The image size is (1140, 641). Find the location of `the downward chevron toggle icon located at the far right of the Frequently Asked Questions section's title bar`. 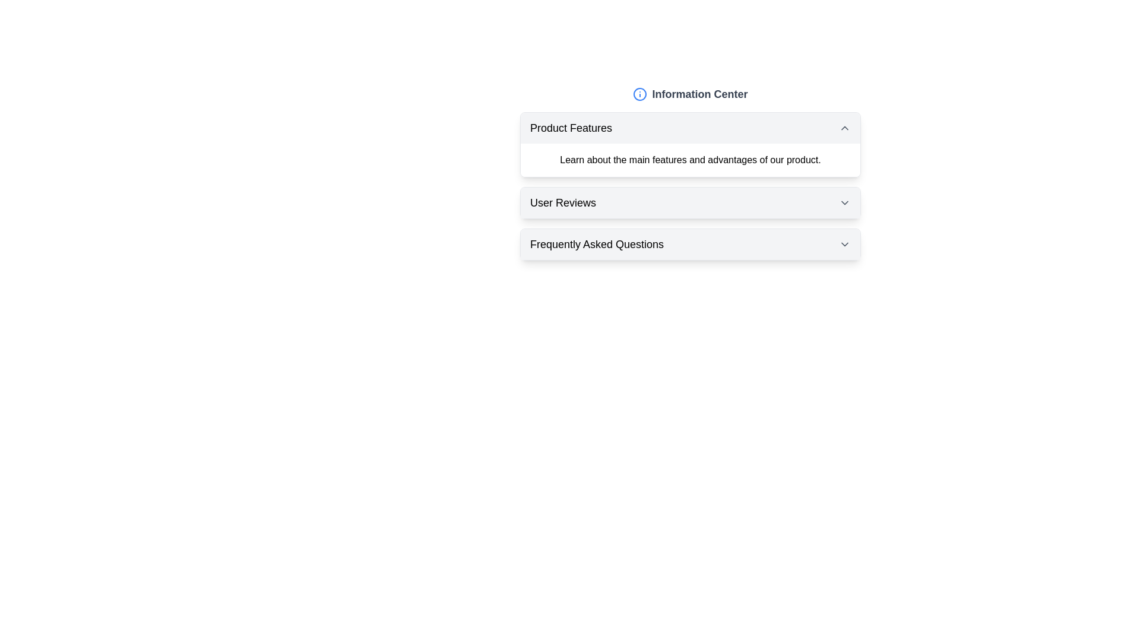

the downward chevron toggle icon located at the far right of the Frequently Asked Questions section's title bar is located at coordinates (844, 244).